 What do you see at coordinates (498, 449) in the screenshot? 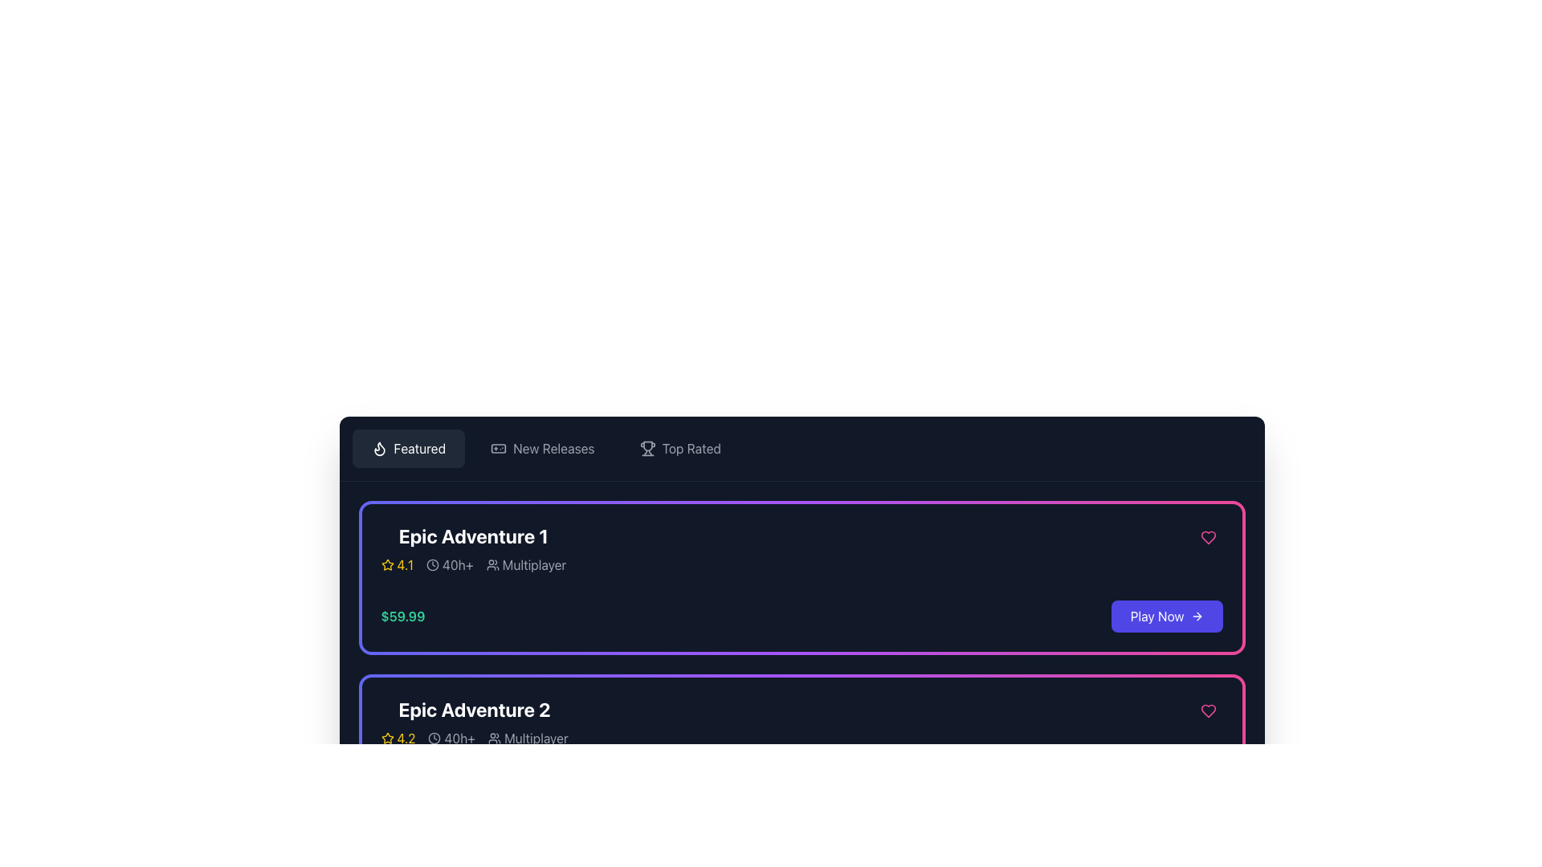
I see `the gaming icon associated with the 'New Releases' category to visually interpret the category` at bounding box center [498, 449].